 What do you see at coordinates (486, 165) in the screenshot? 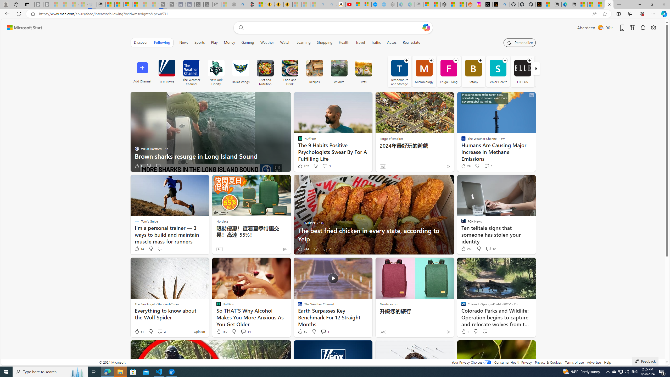
I see `'View comments 5 Comment'` at bounding box center [486, 165].